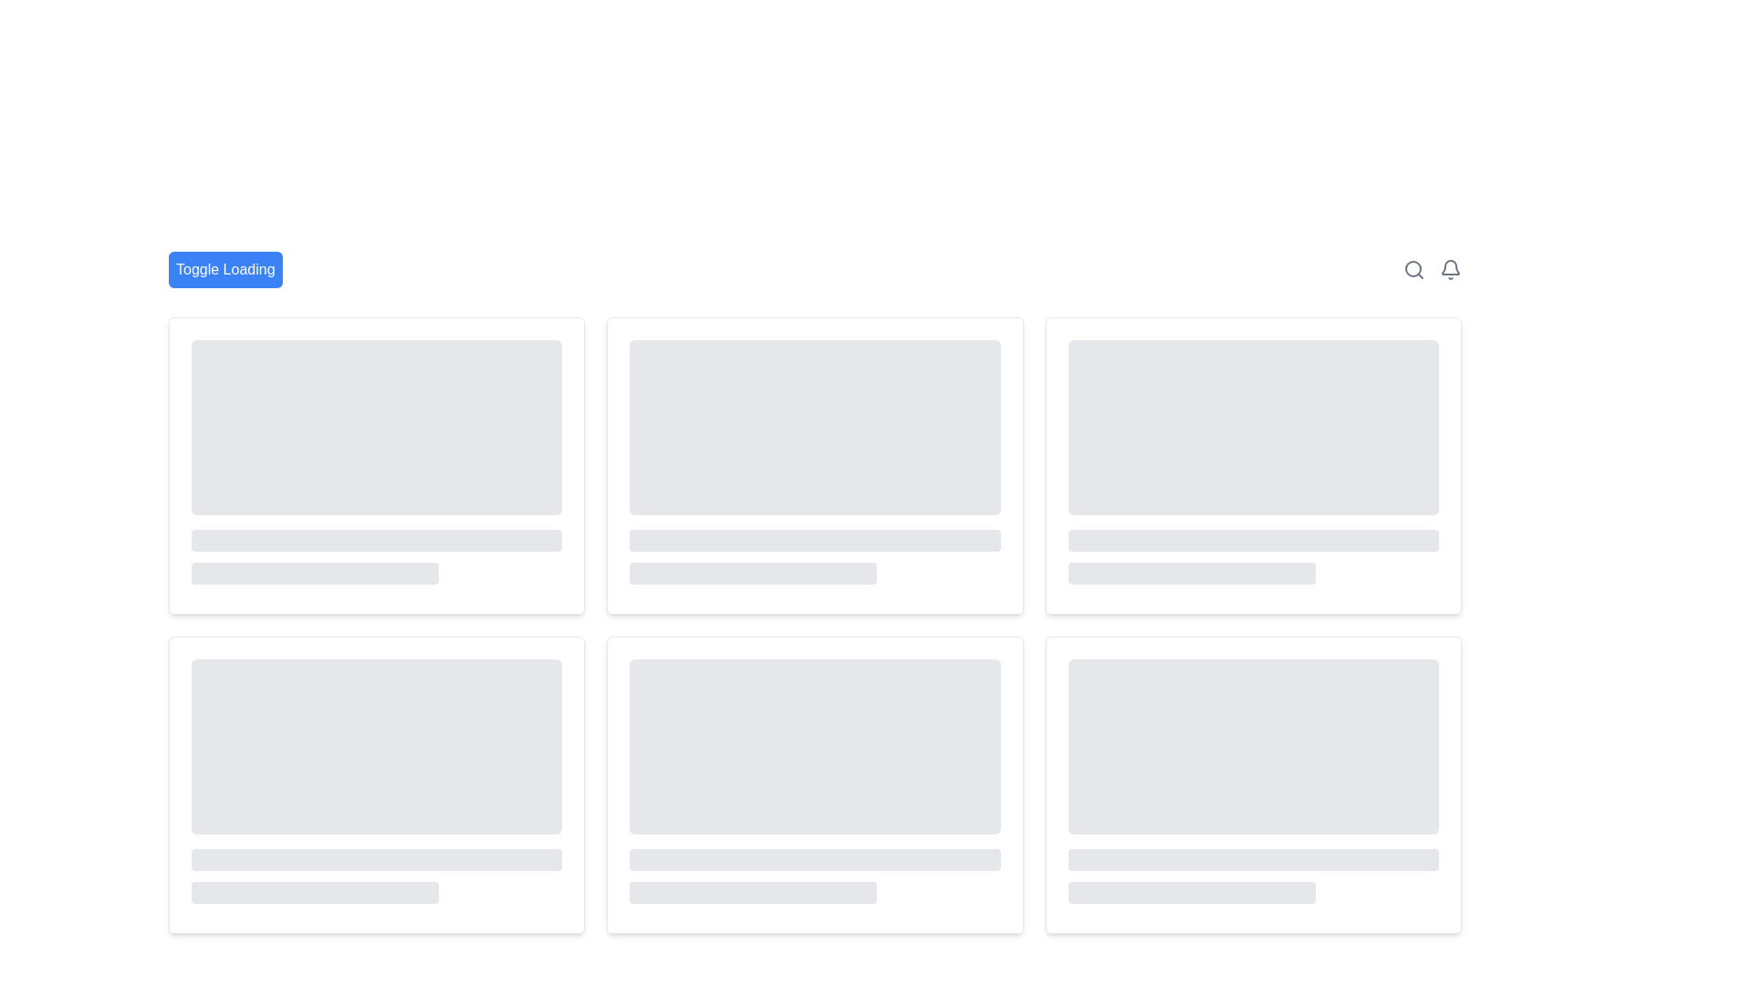 This screenshot has width=1752, height=985. I want to click on the Placeholder component located in the second column of the top row of a grid, which represents dynamic content yet to be loaded, so click(1252, 461).